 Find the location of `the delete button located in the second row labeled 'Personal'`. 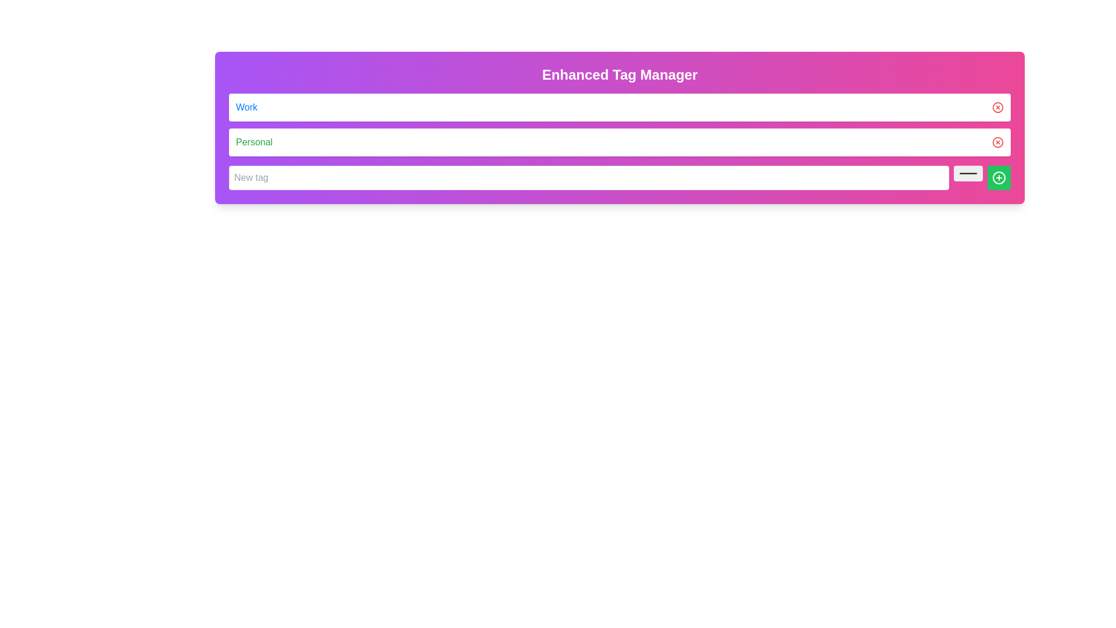

the delete button located in the second row labeled 'Personal' is located at coordinates (997, 142).